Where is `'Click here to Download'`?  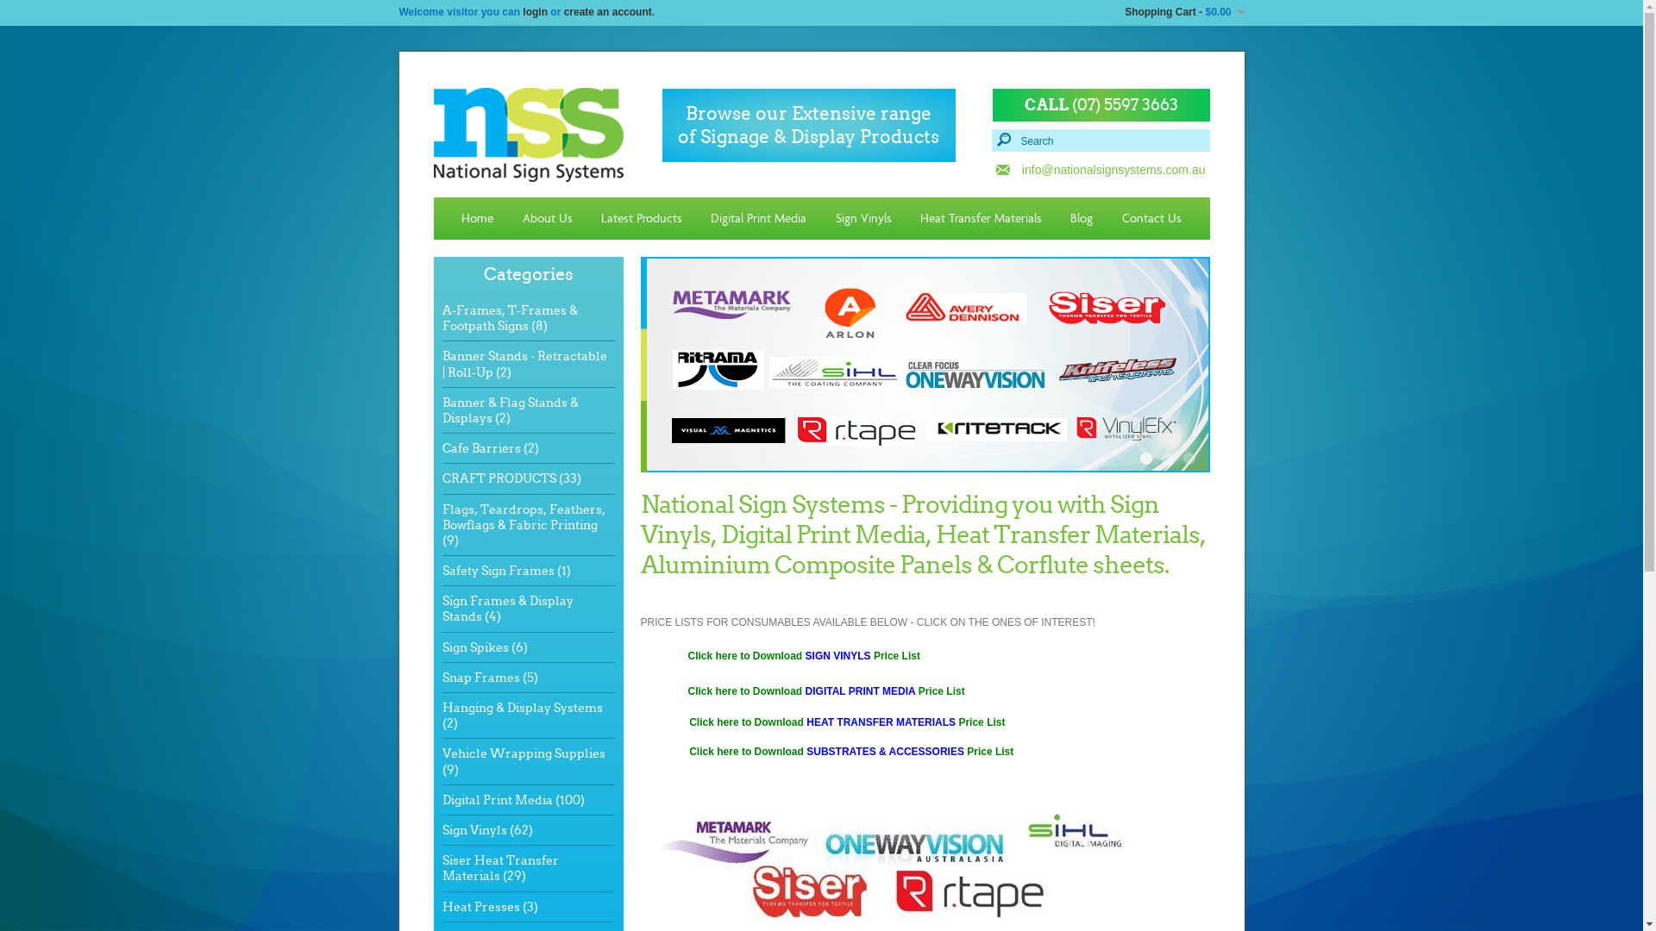 'Click here to Download' is located at coordinates (746, 722).